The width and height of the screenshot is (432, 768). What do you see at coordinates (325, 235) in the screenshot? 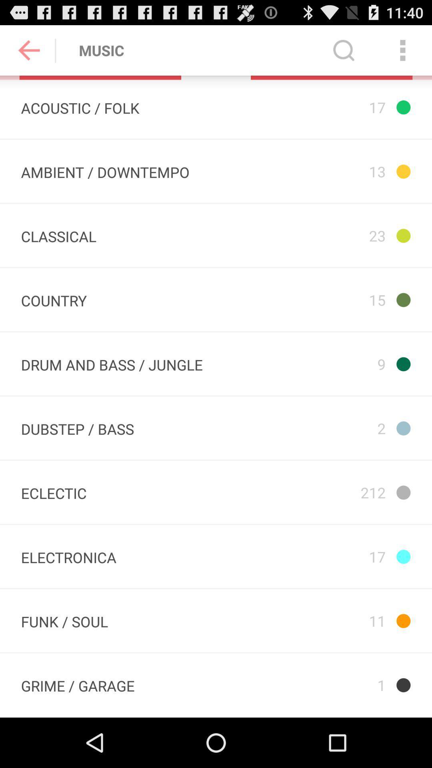
I see `the item to the right of the ambient / downtempo` at bounding box center [325, 235].